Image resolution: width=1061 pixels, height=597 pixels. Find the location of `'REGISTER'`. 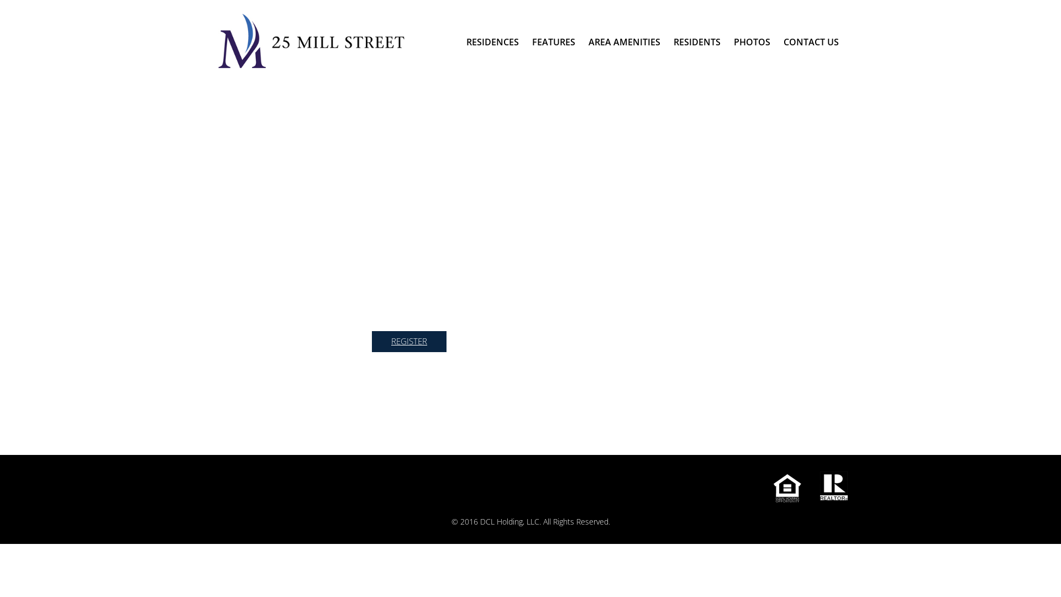

'REGISTER' is located at coordinates (408, 341).